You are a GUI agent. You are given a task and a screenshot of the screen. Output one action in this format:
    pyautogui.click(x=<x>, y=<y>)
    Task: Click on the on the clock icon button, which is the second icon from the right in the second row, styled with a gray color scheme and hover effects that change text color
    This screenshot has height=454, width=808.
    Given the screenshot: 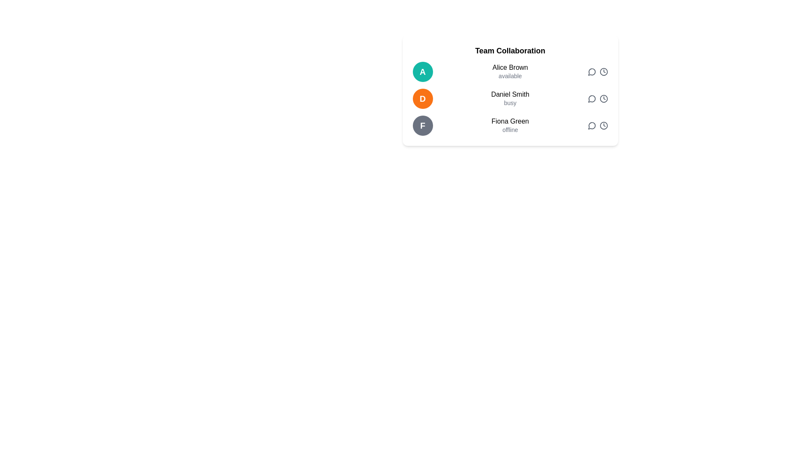 What is the action you would take?
    pyautogui.click(x=603, y=98)
    